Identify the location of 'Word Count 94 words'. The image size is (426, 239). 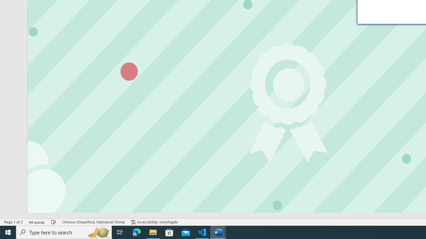
(37, 222).